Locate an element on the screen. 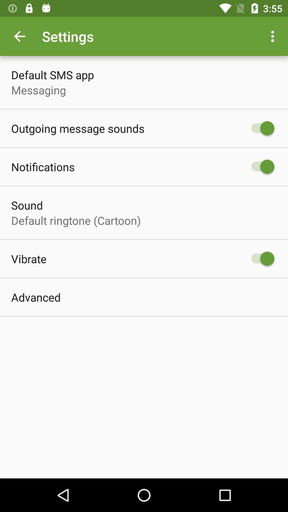 The height and width of the screenshot is (512, 288). the item below outgoing message sounds item is located at coordinates (43, 166).